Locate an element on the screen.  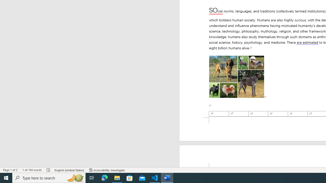
'Morphological variation in six dogs' is located at coordinates (236, 77).